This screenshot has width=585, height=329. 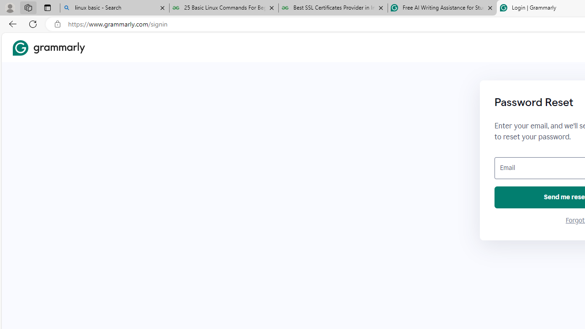 What do you see at coordinates (48, 48) in the screenshot?
I see `'Grammarly Home'` at bounding box center [48, 48].